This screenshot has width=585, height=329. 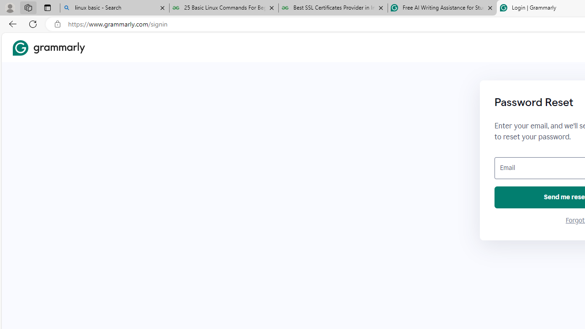 What do you see at coordinates (48, 48) in the screenshot?
I see `'Grammarly Home'` at bounding box center [48, 48].